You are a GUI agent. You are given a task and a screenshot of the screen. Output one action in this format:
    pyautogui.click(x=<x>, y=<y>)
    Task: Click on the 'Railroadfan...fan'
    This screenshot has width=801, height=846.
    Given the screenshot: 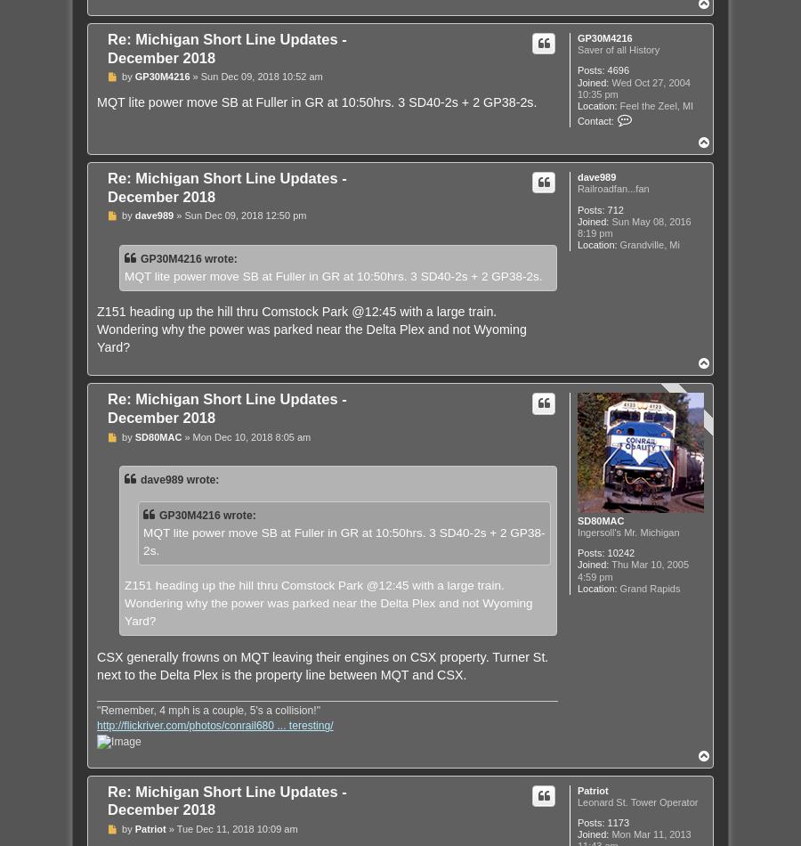 What is the action you would take?
    pyautogui.click(x=611, y=189)
    